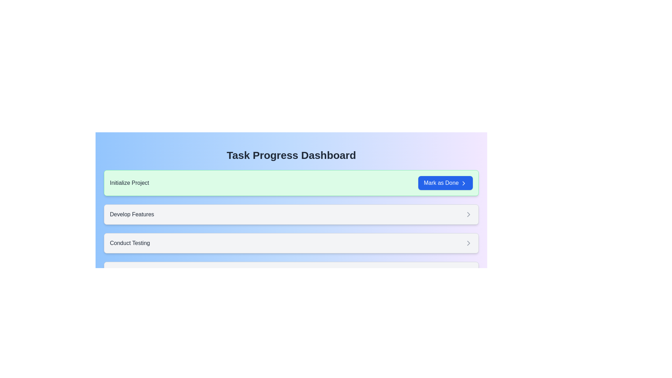  I want to click on the small rightward-pointing chevron icon located near the right edge of the 'Initialize Project' task row in the task progress dashboard, so click(463, 183).